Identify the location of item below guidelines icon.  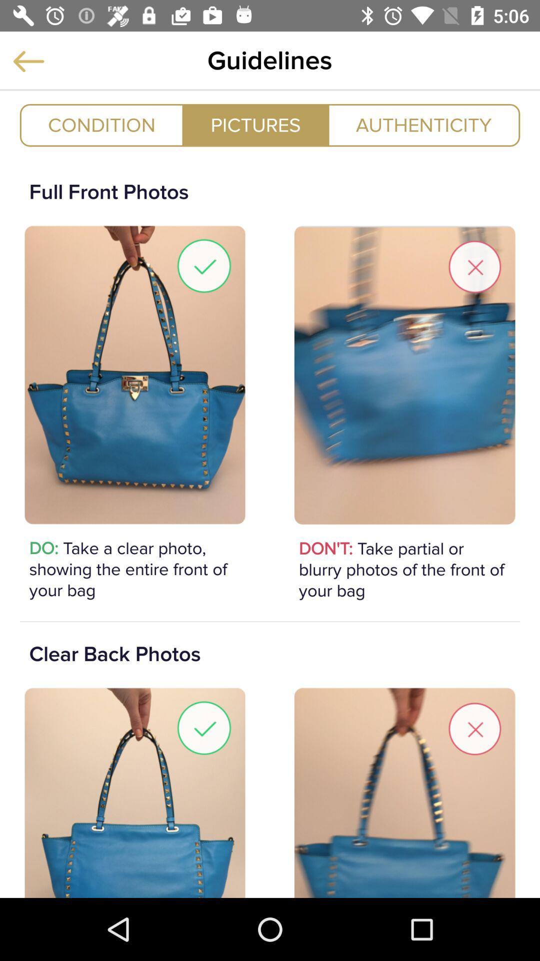
(255, 125).